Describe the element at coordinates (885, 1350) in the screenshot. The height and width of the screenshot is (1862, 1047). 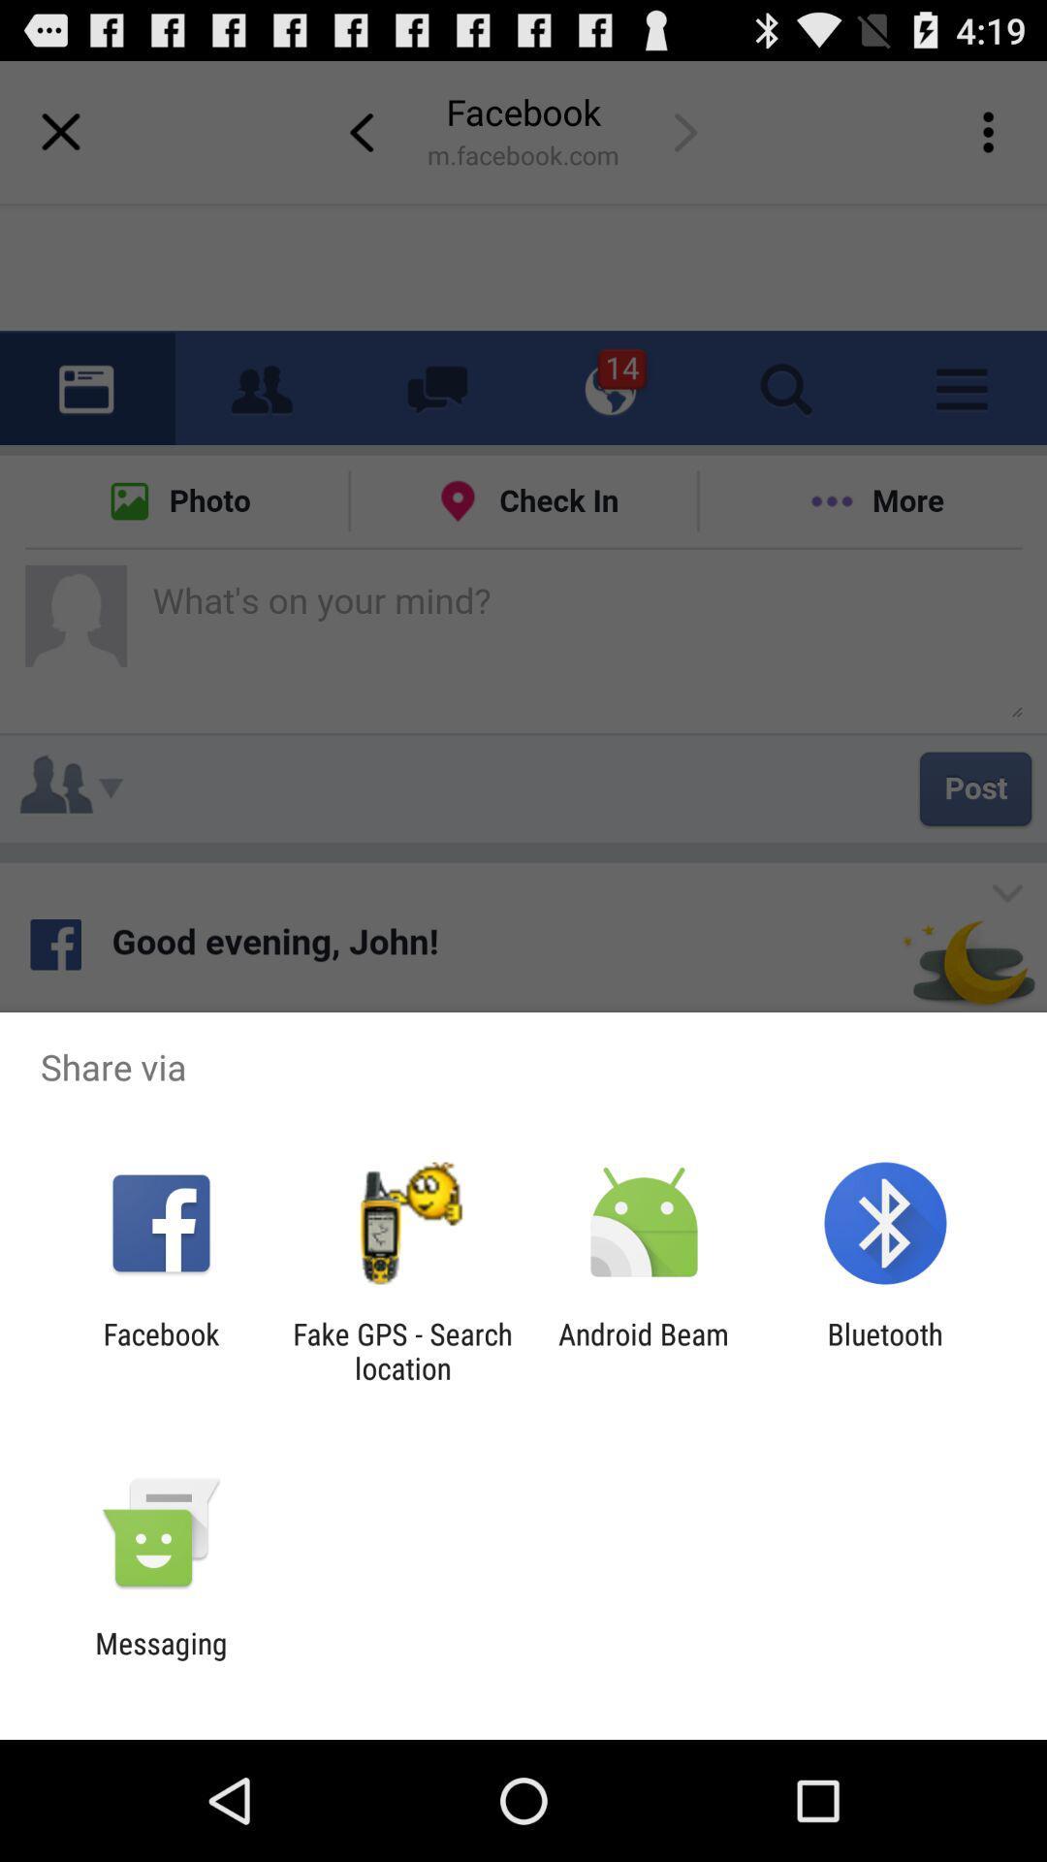
I see `the item to the right of android beam item` at that location.